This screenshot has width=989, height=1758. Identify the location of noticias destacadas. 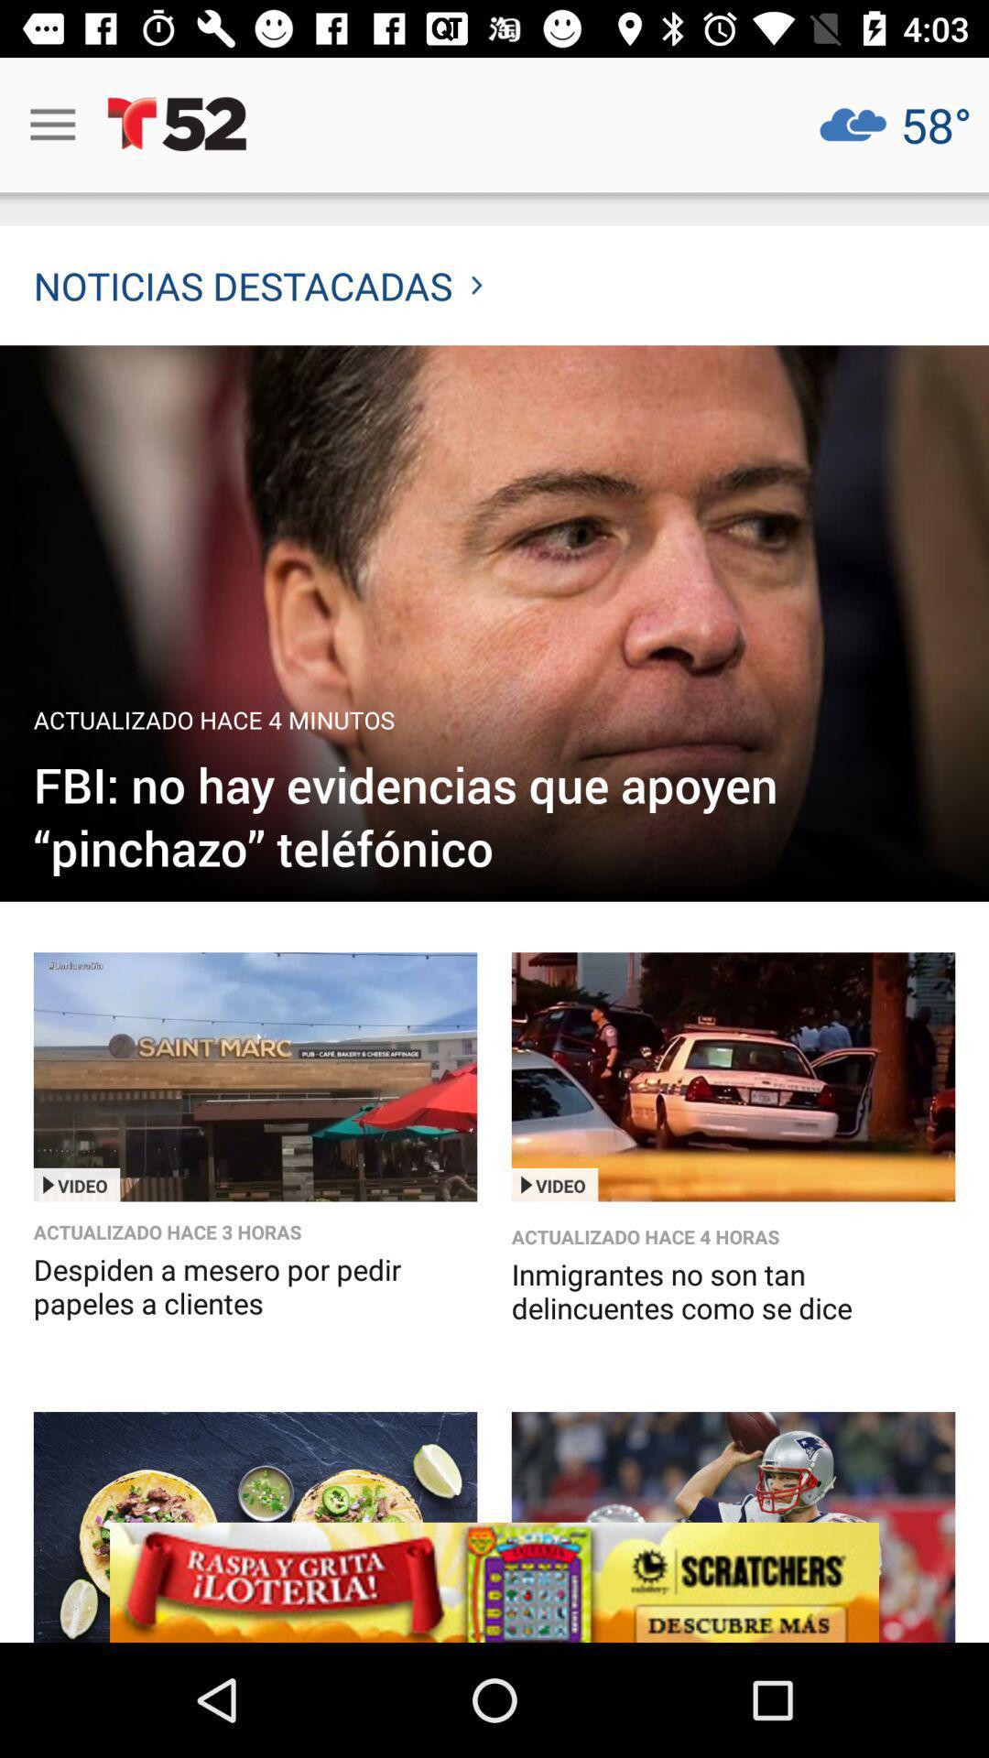
(257, 285).